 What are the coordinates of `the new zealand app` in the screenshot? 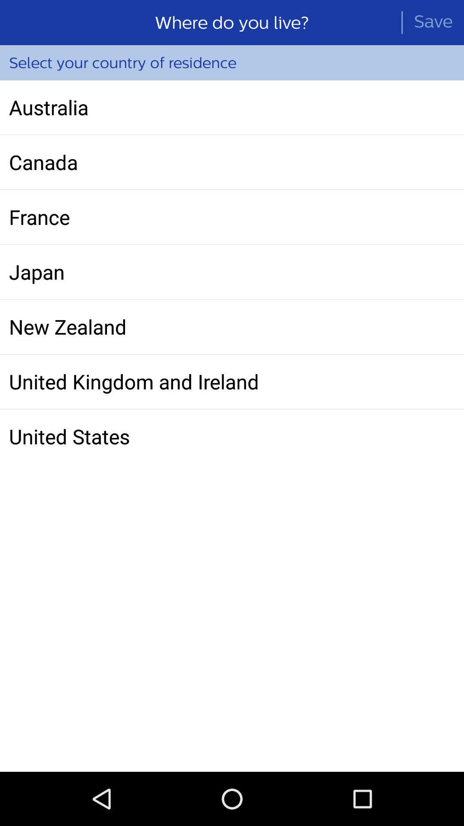 It's located at (232, 326).